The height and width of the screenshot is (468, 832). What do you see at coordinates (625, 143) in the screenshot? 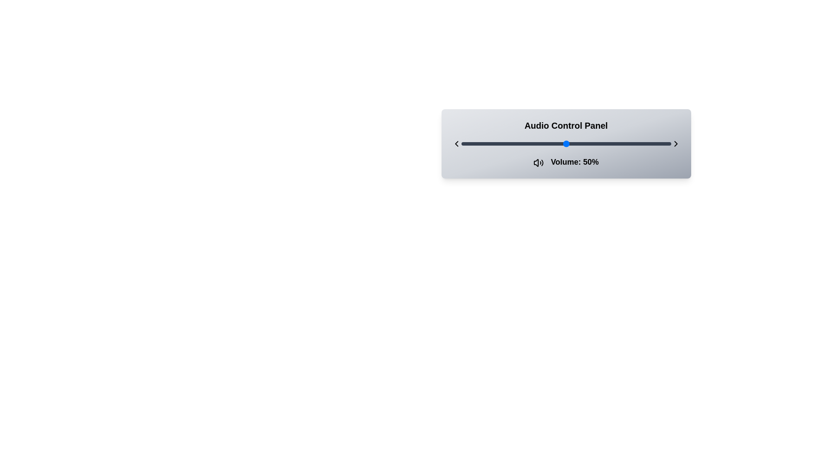
I see `the slider` at bounding box center [625, 143].